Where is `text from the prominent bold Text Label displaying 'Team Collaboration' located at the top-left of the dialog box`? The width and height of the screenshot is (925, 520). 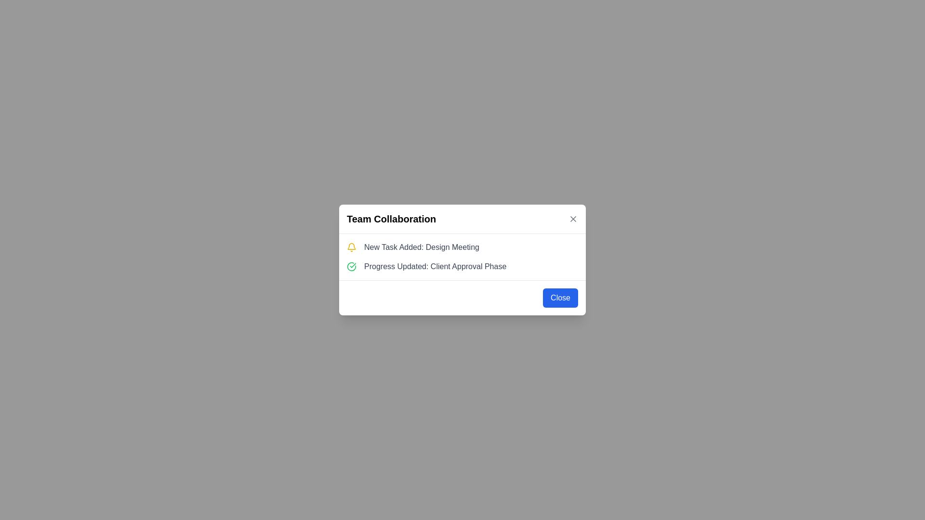
text from the prominent bold Text Label displaying 'Team Collaboration' located at the top-left of the dialog box is located at coordinates (391, 219).